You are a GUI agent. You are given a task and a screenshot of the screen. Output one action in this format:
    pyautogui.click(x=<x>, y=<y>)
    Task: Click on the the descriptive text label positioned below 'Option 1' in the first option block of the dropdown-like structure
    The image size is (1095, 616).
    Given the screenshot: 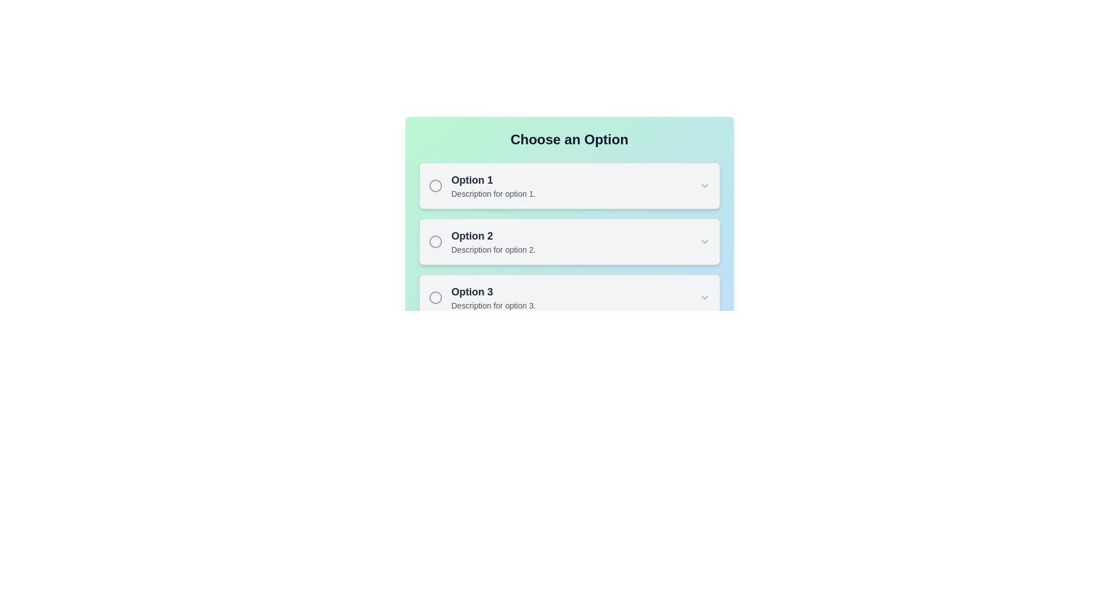 What is the action you would take?
    pyautogui.click(x=493, y=193)
    